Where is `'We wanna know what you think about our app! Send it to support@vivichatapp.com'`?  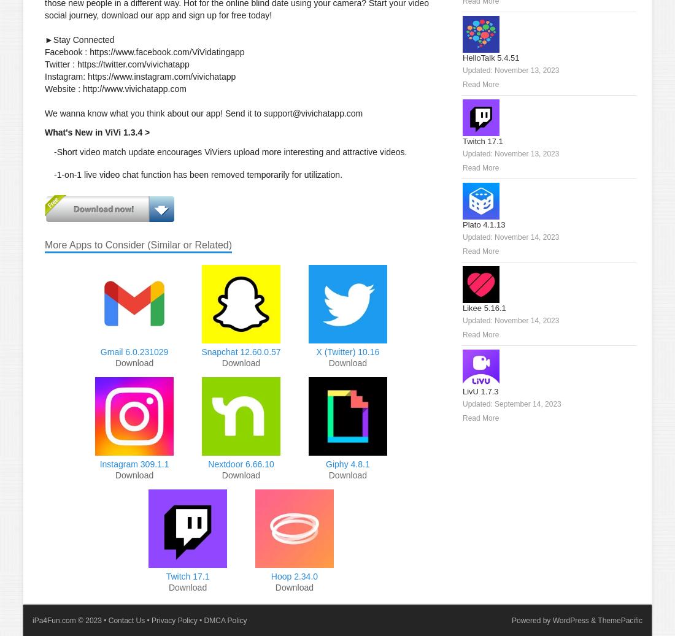
'We wanna know what you think about our app! Send it to support@vivichatapp.com' is located at coordinates (202, 113).